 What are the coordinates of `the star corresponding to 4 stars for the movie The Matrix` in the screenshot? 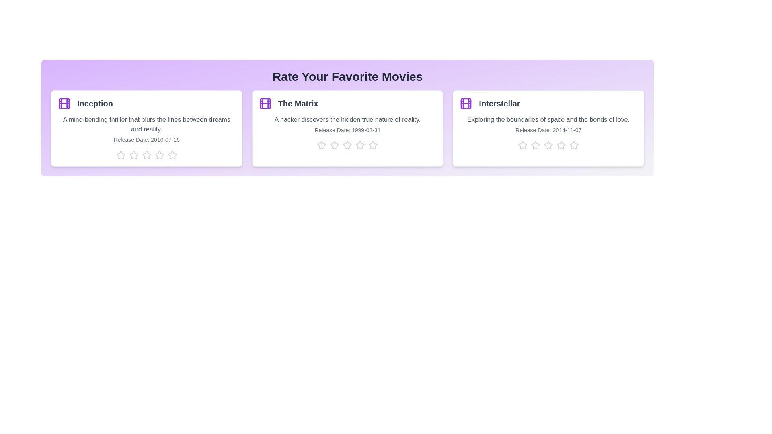 It's located at (360, 145).